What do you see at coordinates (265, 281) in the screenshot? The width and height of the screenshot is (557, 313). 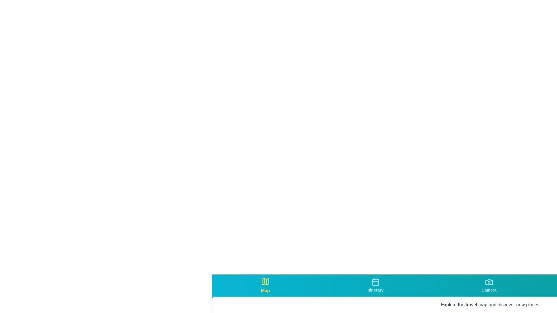 I see `the active tab's icon to confirm its selection` at bounding box center [265, 281].